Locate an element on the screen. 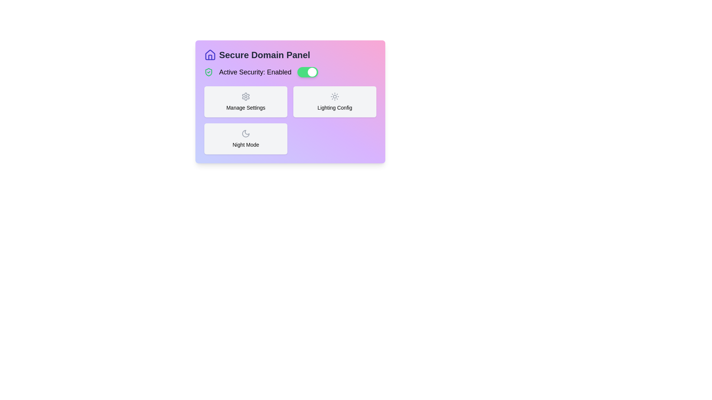 The width and height of the screenshot is (712, 400). the 'Enabled' text label, which indicates the current state of the security and is located to the right of the 'Active Security:' label and to the left of the toggle switch in the 'Active Security' section is located at coordinates (279, 72).